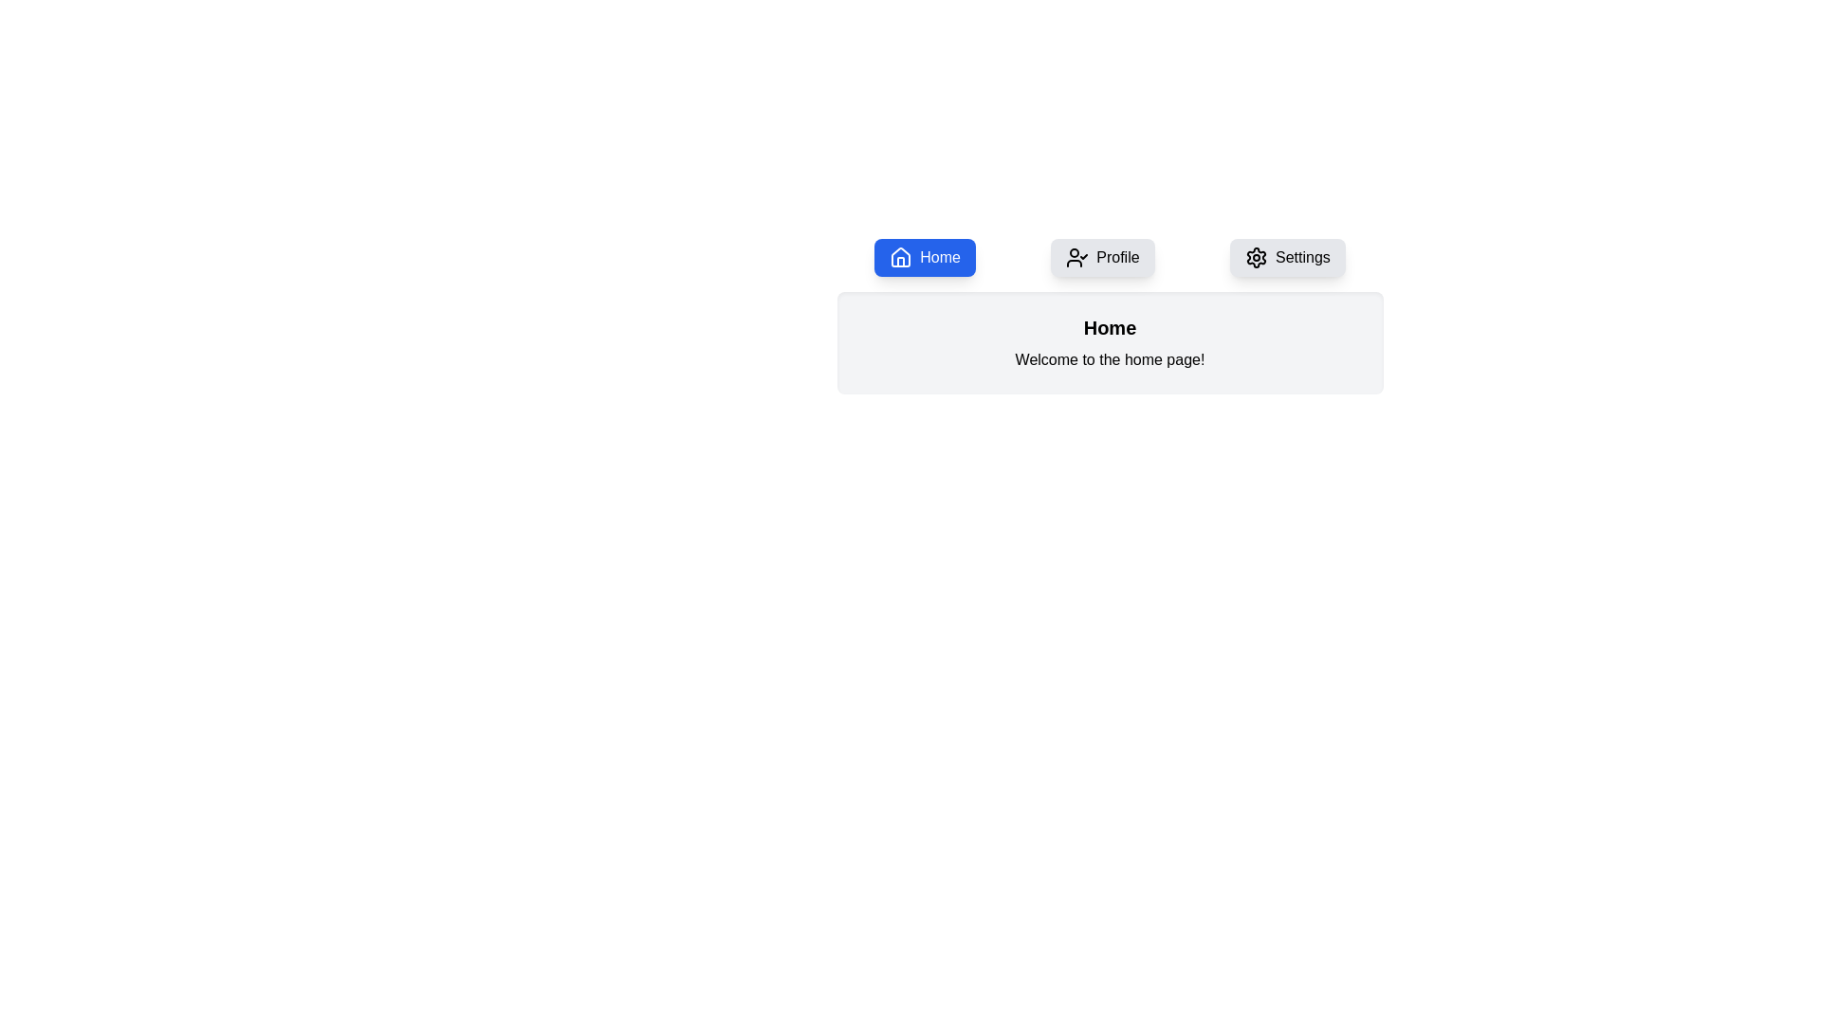 This screenshot has width=1821, height=1024. I want to click on the Profile tab by clicking its corresponding button, so click(1101, 258).